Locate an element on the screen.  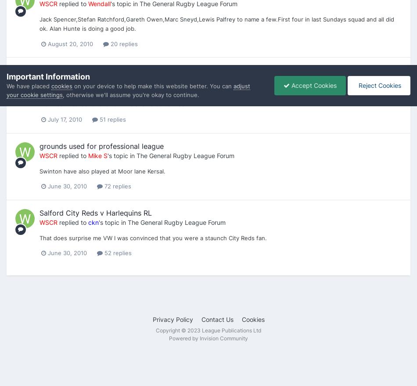
'cookies' is located at coordinates (61, 86).